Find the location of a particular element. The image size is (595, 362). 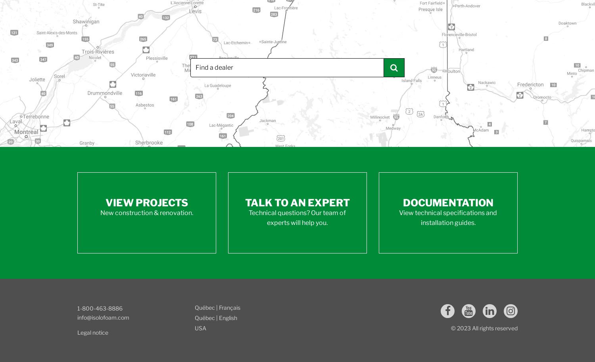

'Technical questions? Our team of experts will help you.' is located at coordinates (297, 217).